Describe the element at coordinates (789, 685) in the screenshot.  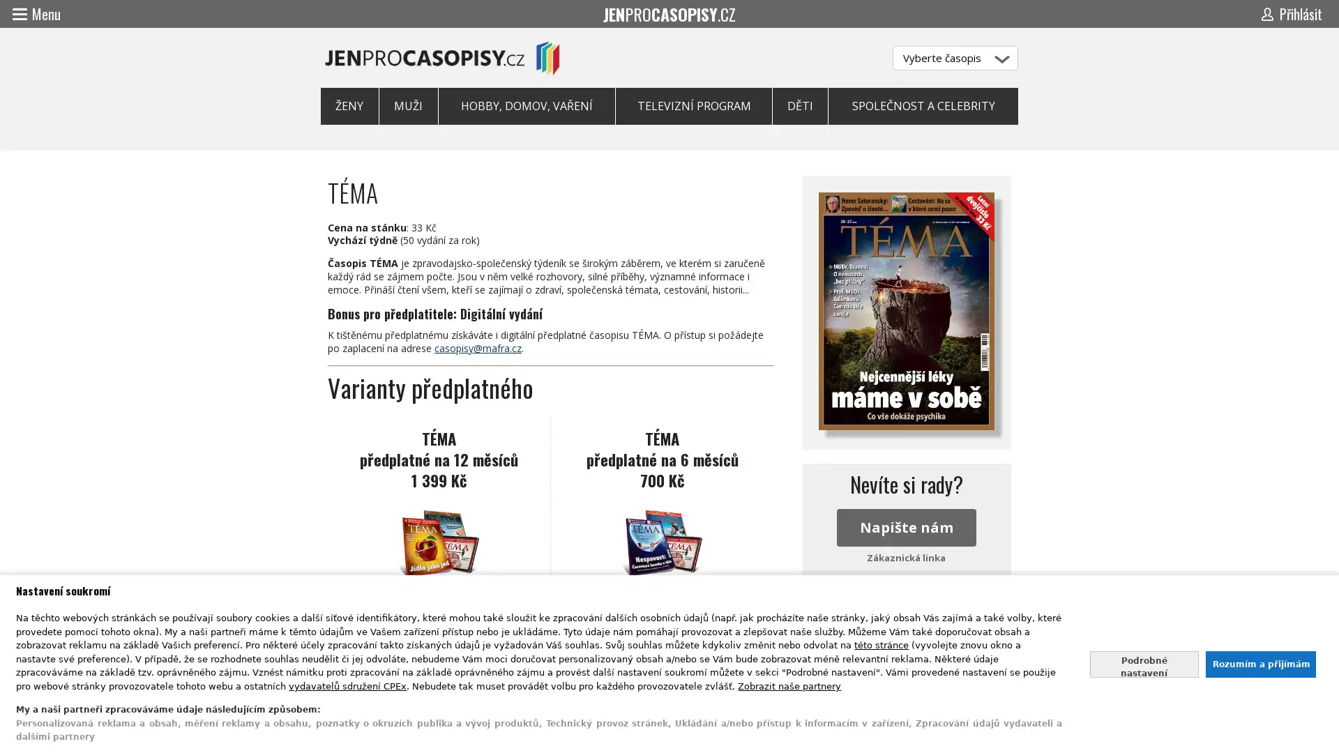
I see `Zobrazit nase partnery` at that location.